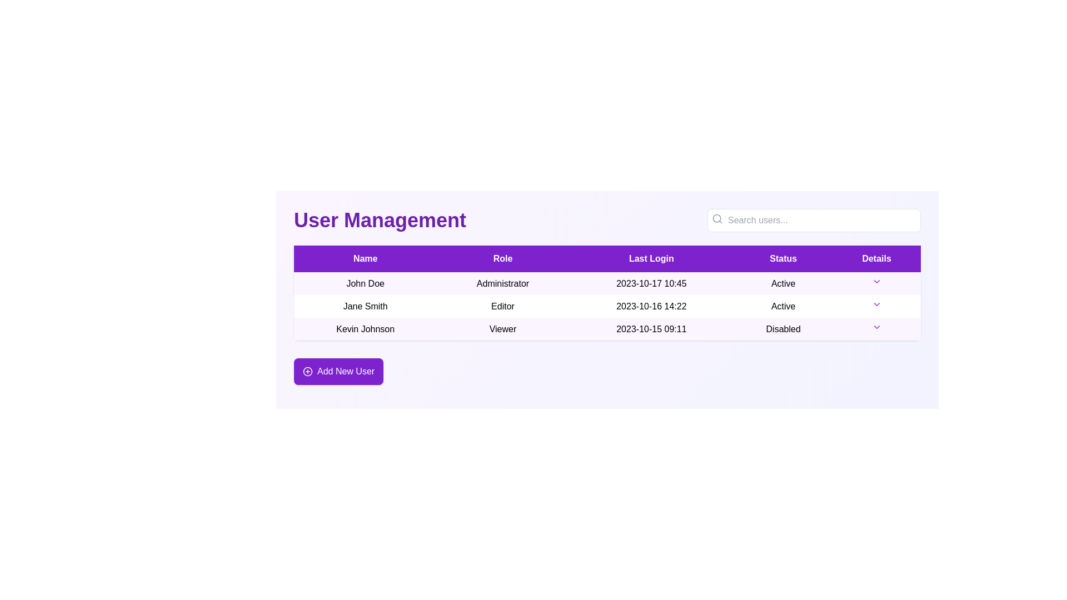 The width and height of the screenshot is (1067, 600). Describe the element at coordinates (502, 259) in the screenshot. I see `the 'Roles' header label in the table, which is the second header in a sequence of five, located between 'Name' and 'Last Login'` at that location.